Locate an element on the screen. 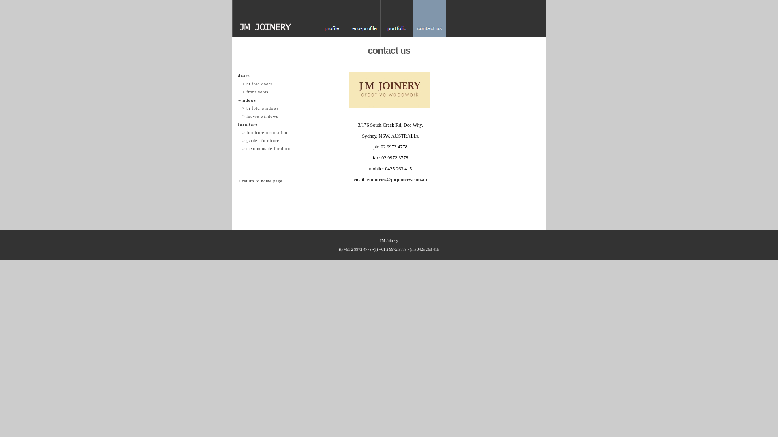 This screenshot has height=437, width=778. 'furniture' is located at coordinates (270, 125).